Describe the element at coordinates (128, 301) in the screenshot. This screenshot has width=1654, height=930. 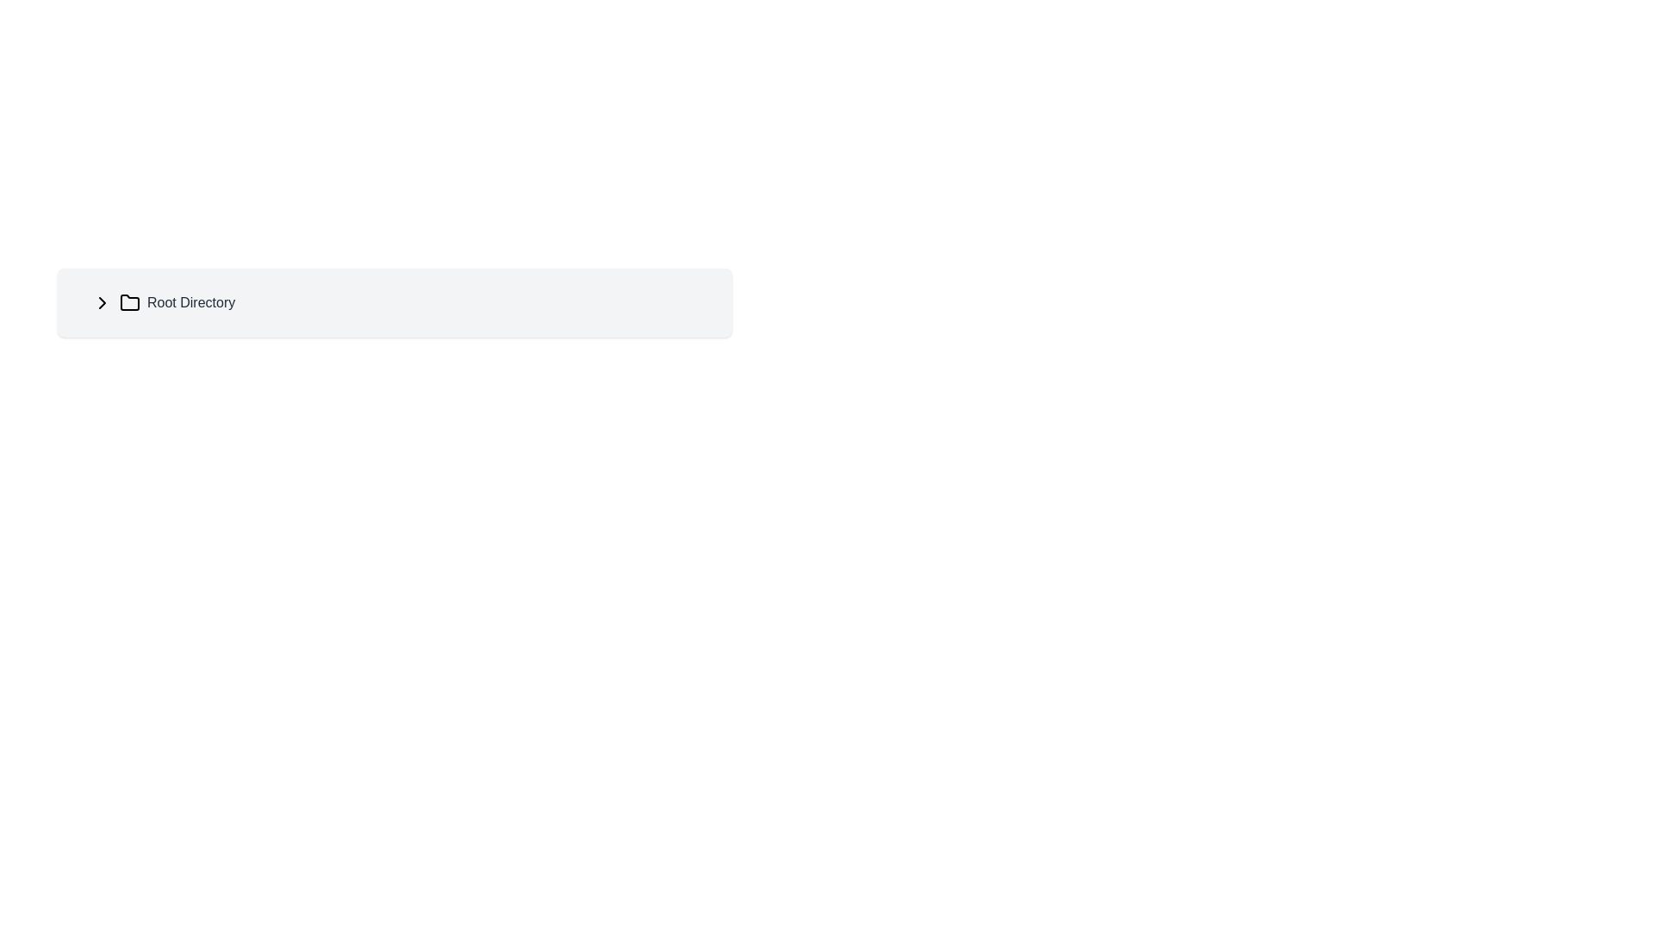
I see `the folder icon which is situated to the right of the chevron arrow and to the left of the 'Root Directory' text label, indicating its presence in the directory structure` at that location.